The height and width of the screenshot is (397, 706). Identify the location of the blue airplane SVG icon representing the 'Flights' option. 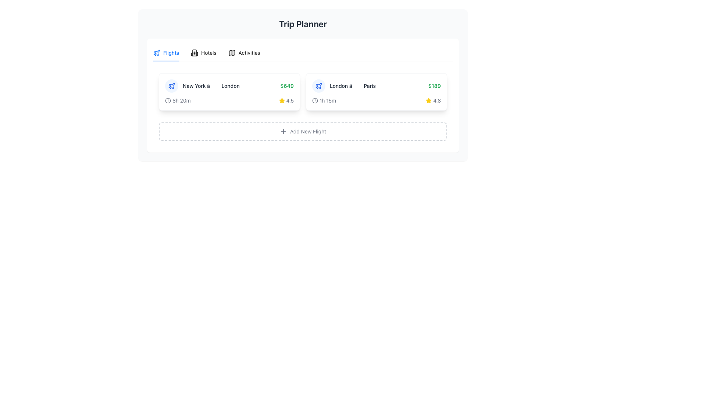
(156, 52).